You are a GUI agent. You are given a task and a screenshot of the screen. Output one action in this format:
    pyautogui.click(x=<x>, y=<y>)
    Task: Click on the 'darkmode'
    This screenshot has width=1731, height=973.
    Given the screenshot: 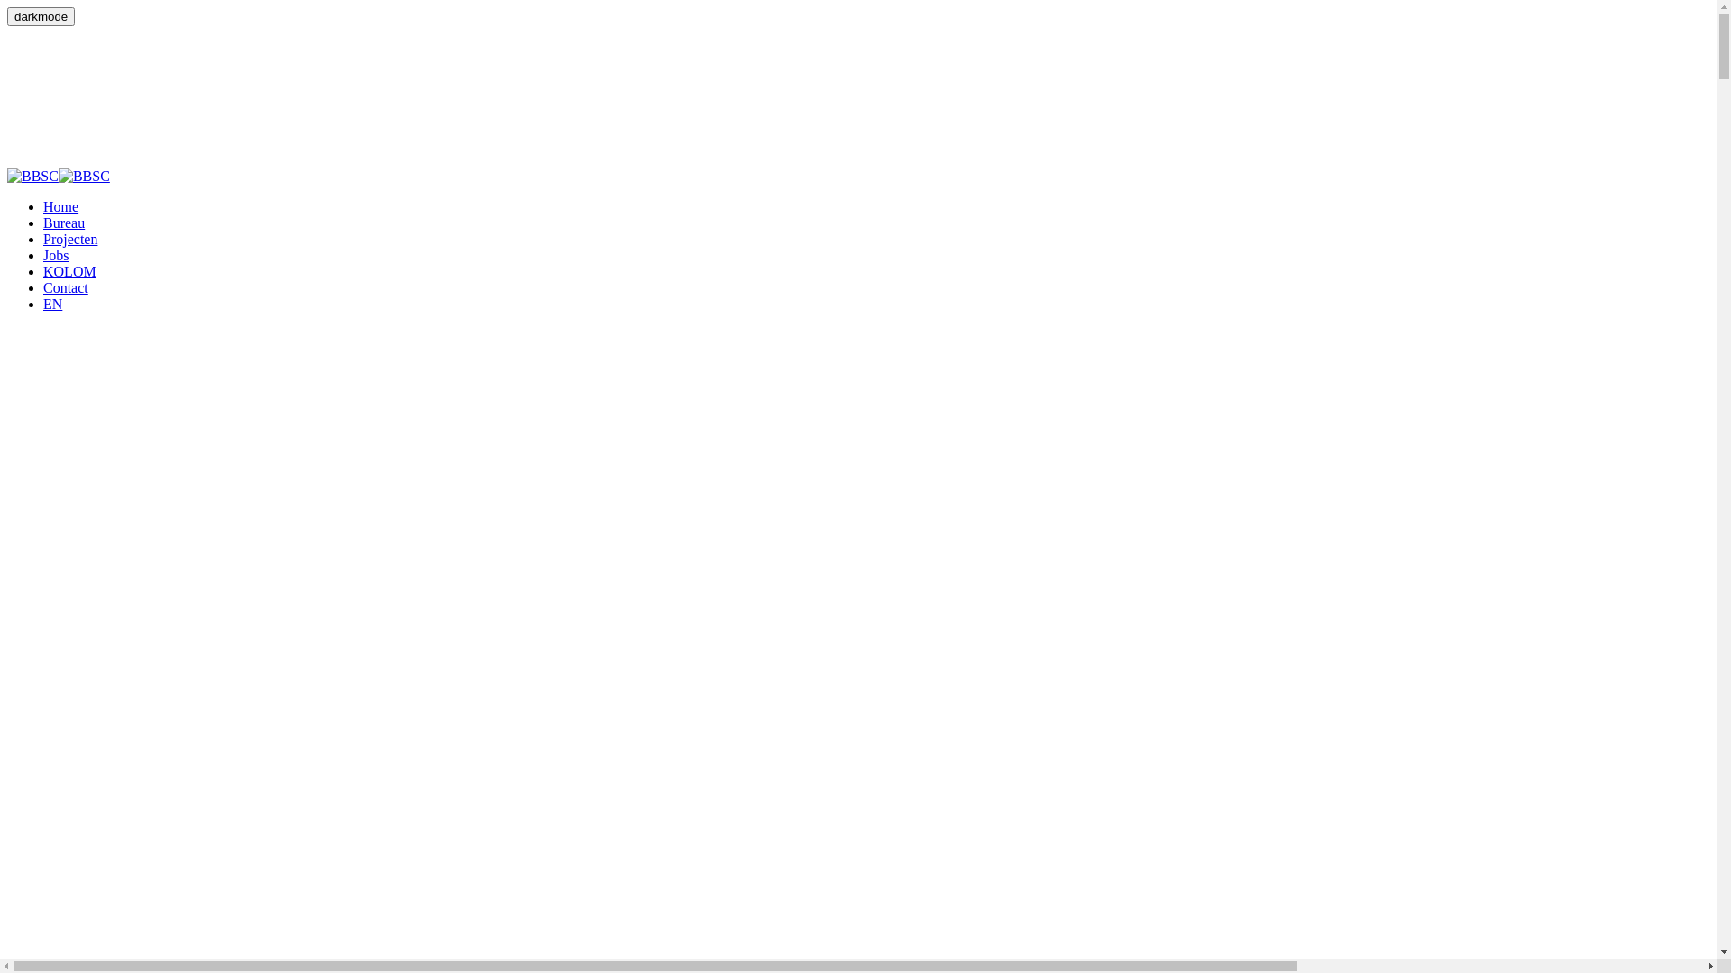 What is the action you would take?
    pyautogui.click(x=7, y=16)
    